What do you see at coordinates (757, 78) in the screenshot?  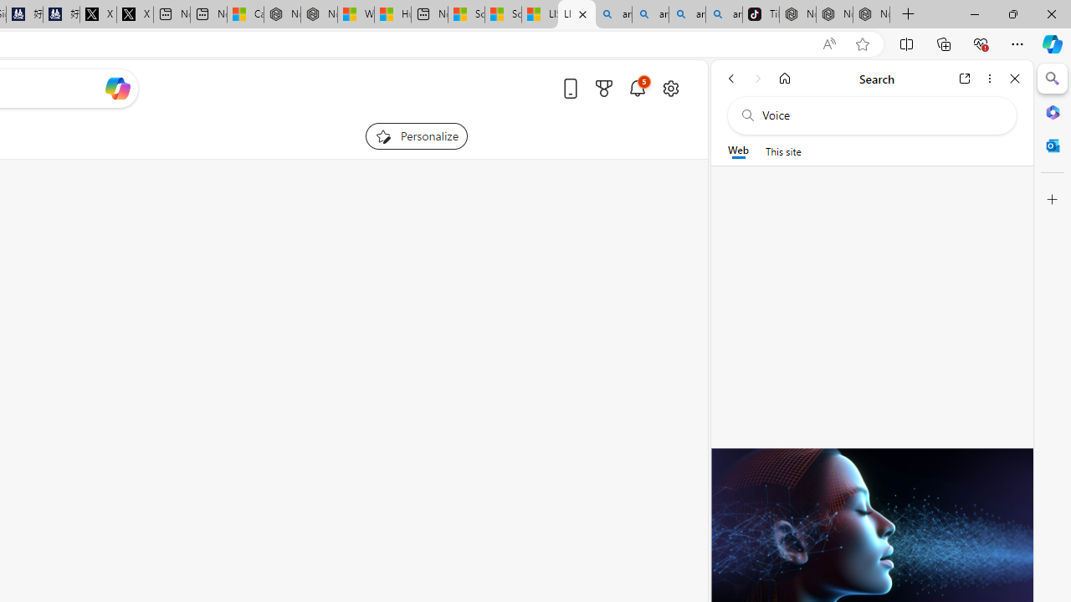 I see `'Forward'` at bounding box center [757, 78].